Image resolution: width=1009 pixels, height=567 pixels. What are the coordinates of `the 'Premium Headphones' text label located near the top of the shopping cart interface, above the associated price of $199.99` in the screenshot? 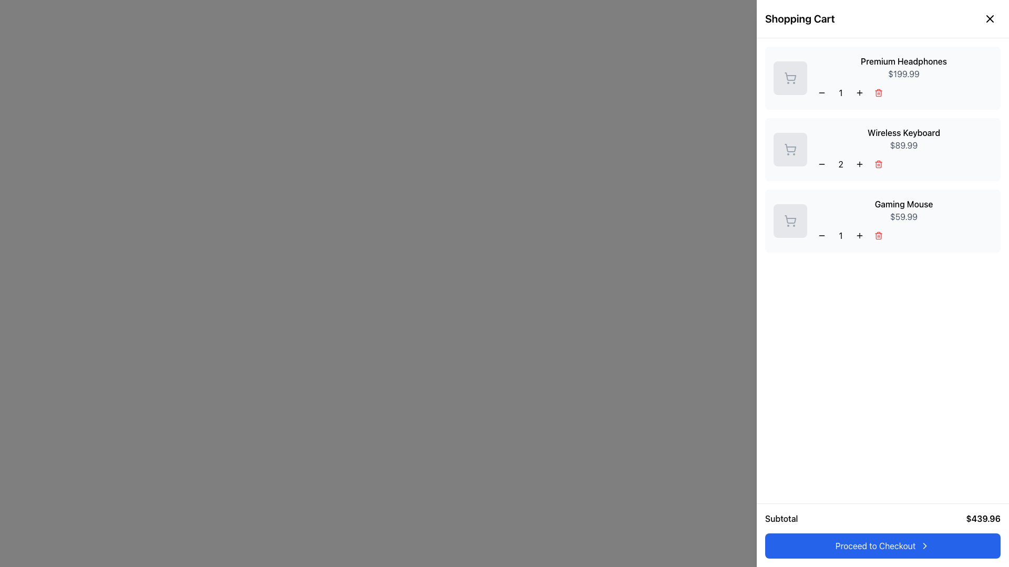 It's located at (903, 61).